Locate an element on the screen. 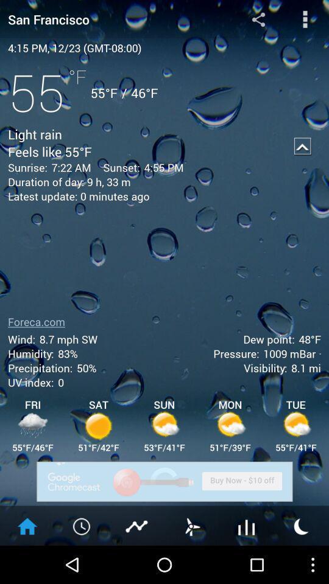 The height and width of the screenshot is (584, 329). graph is located at coordinates (136, 525).